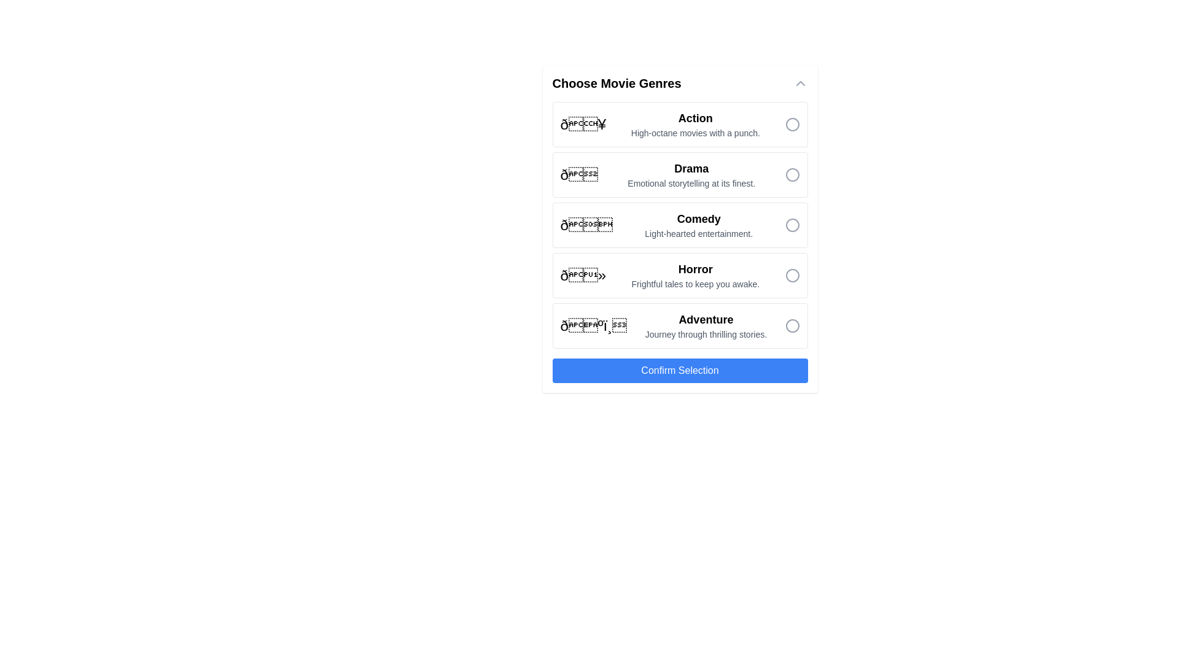 The width and height of the screenshot is (1179, 663). I want to click on the text block titled 'Action', which describes high-octane movies with a punch, located centrally to the right of an emoji icon in the 'Choose Movie Genres' section, so click(695, 125).